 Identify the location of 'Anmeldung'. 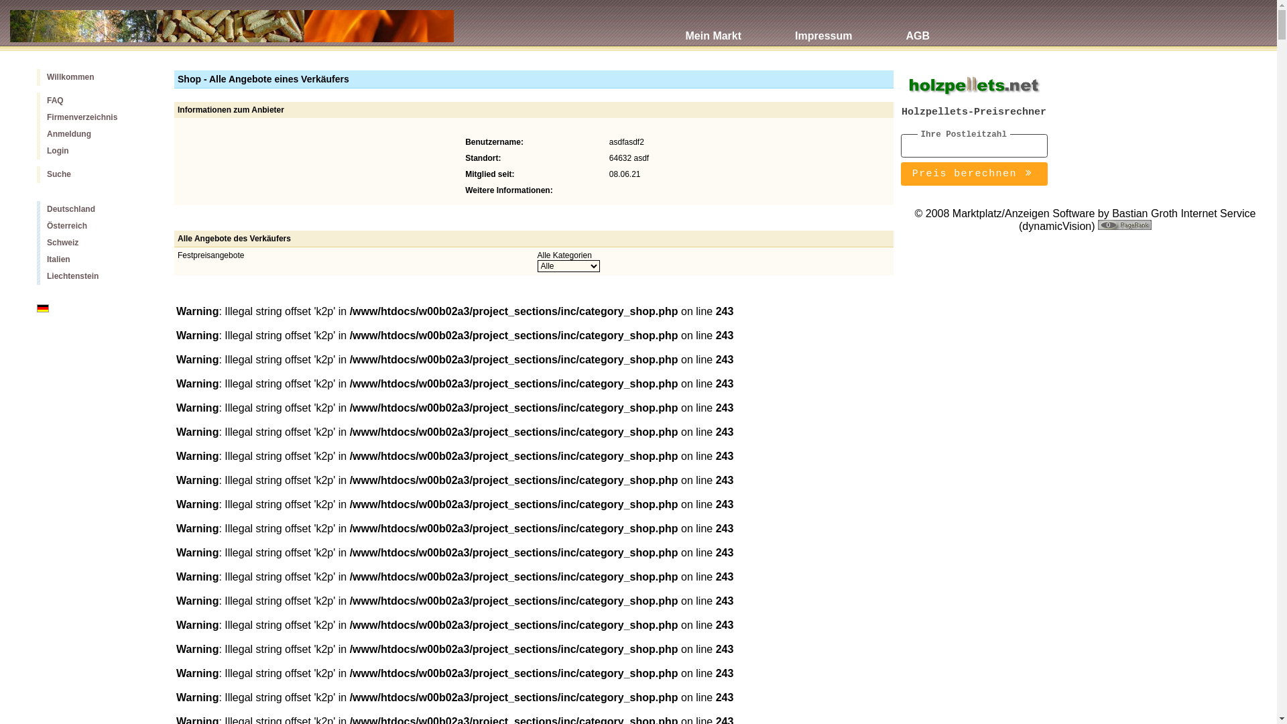
(95, 134).